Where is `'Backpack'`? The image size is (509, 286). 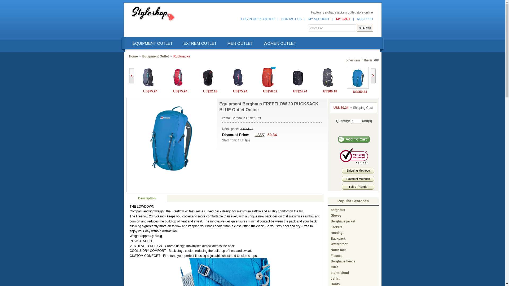
'Backpack' is located at coordinates (338, 239).